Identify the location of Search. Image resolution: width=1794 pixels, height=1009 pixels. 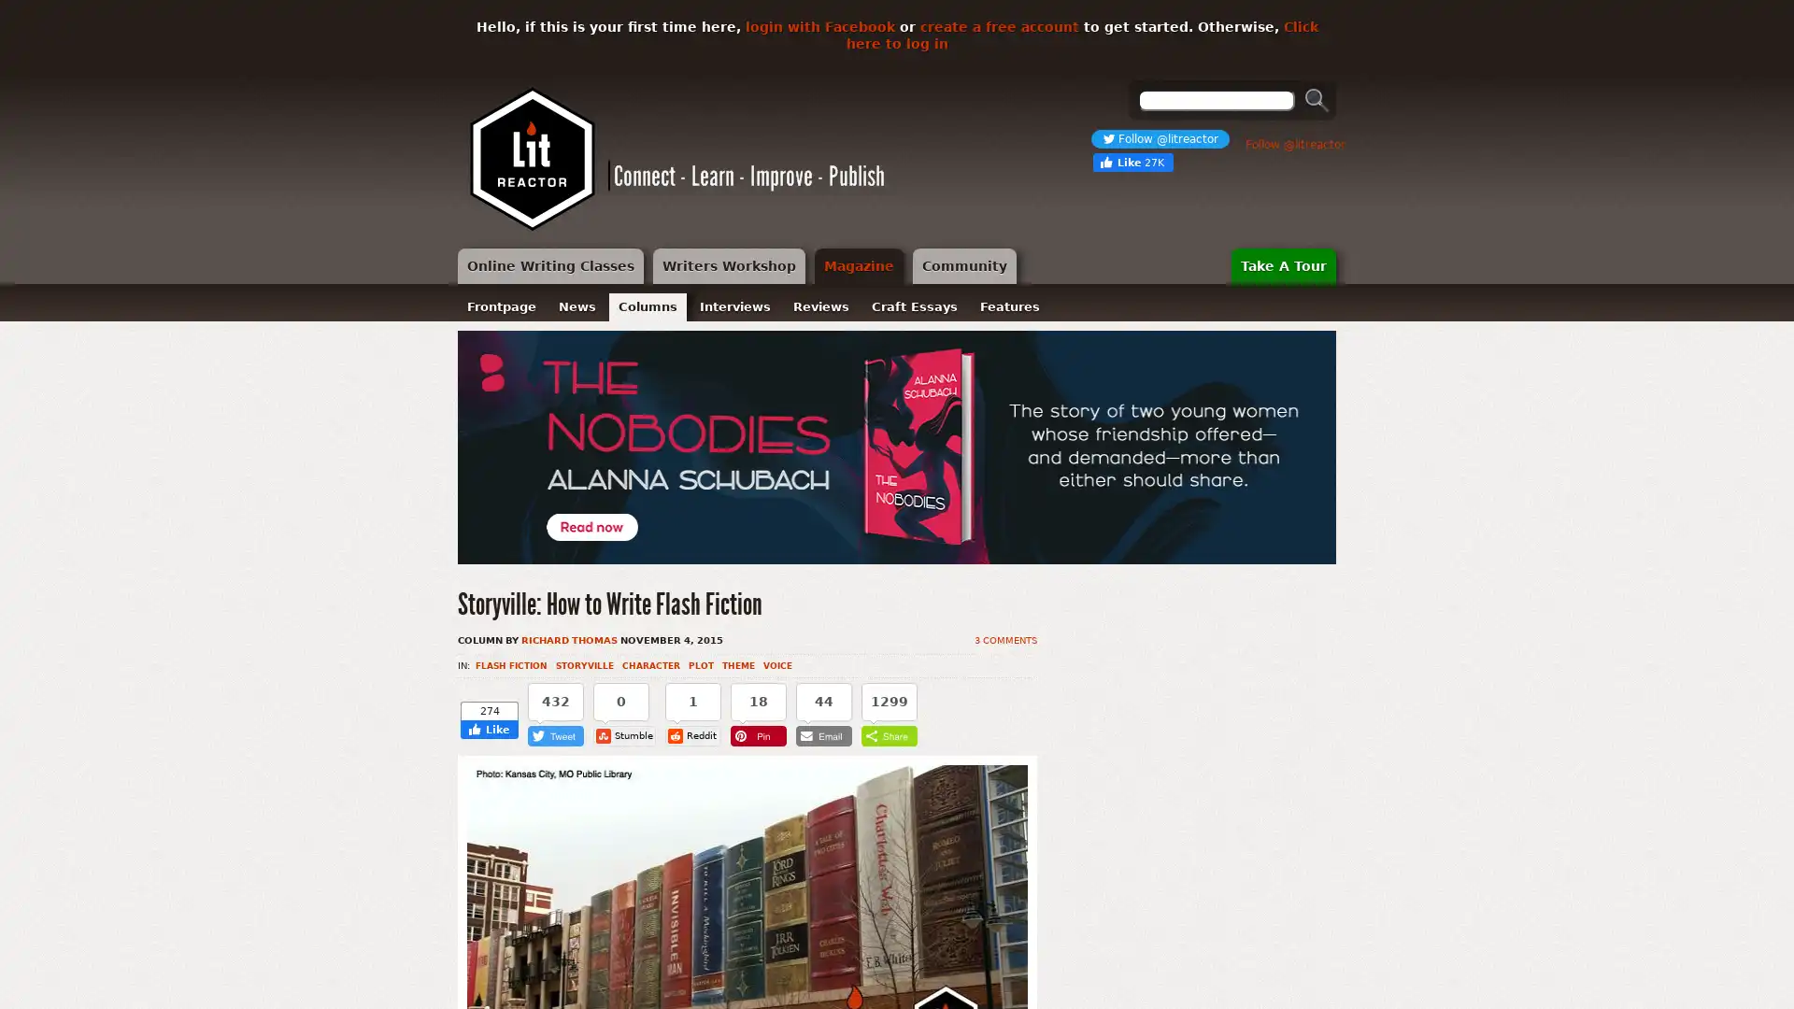
(1317, 100).